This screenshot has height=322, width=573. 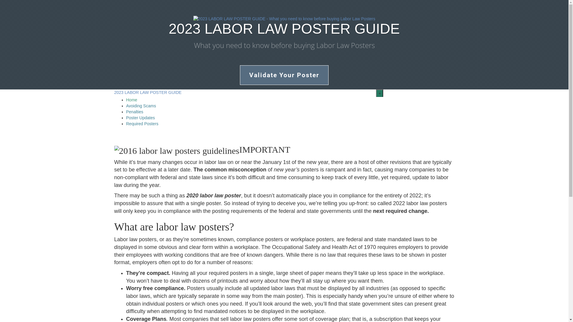 What do you see at coordinates (140, 105) in the screenshot?
I see `'Avoiding Scams'` at bounding box center [140, 105].